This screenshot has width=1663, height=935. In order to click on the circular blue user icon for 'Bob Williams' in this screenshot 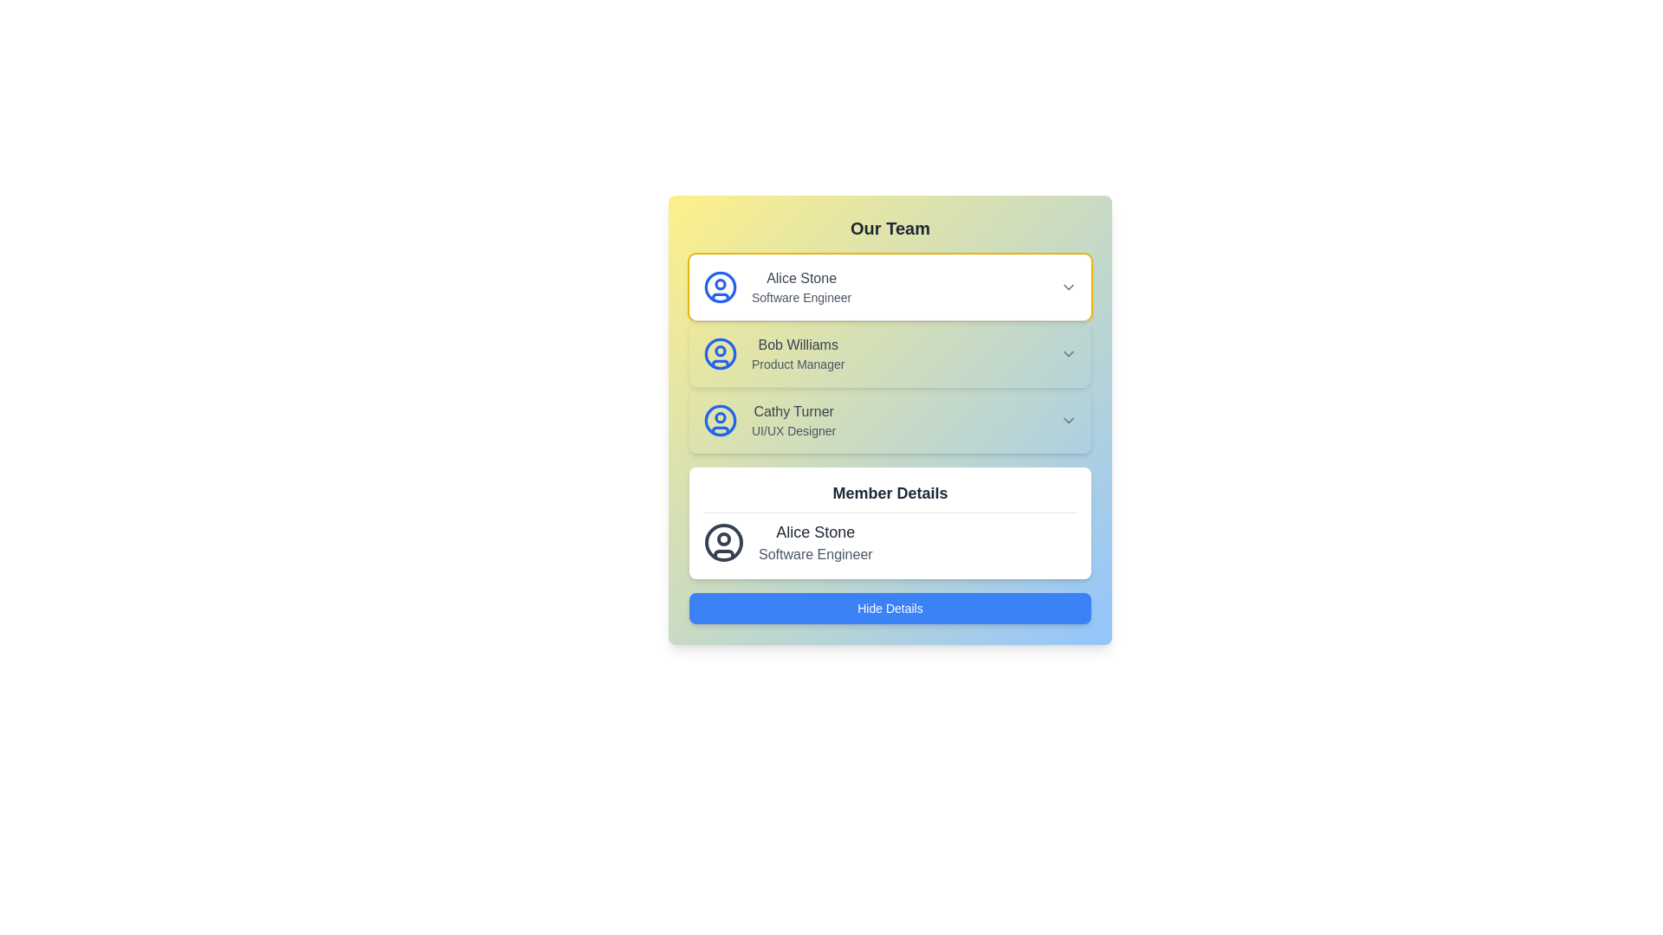, I will do `click(720, 352)`.